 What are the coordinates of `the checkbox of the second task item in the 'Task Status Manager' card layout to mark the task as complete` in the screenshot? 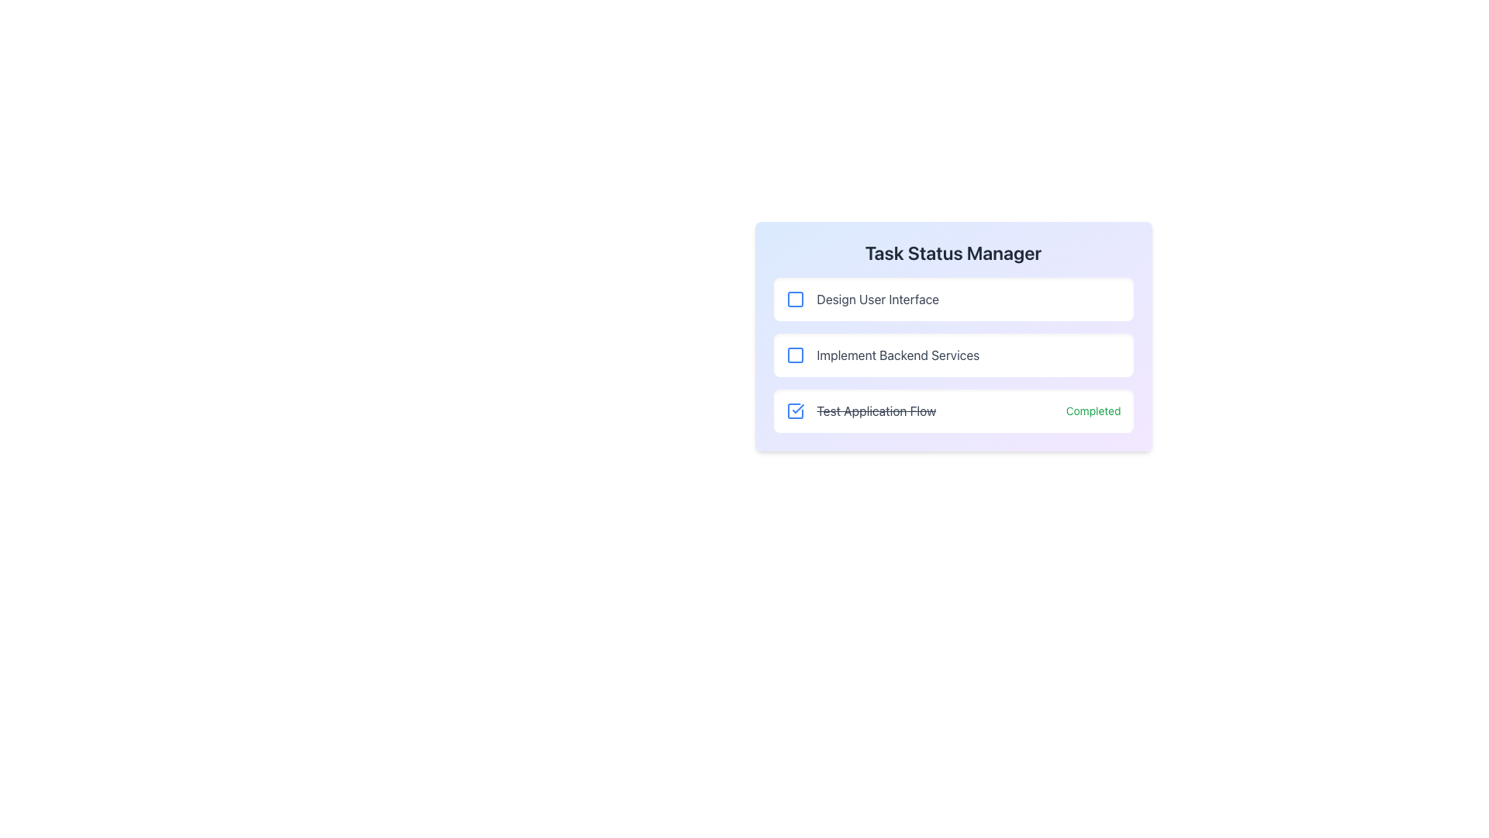 It's located at (952, 355).